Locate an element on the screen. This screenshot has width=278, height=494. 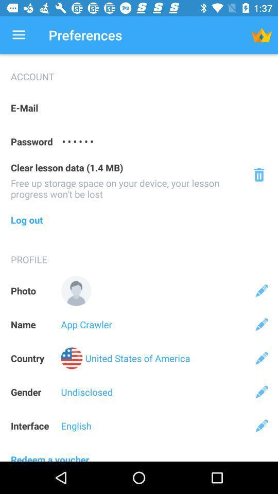
edit the photo is located at coordinates (262, 291).